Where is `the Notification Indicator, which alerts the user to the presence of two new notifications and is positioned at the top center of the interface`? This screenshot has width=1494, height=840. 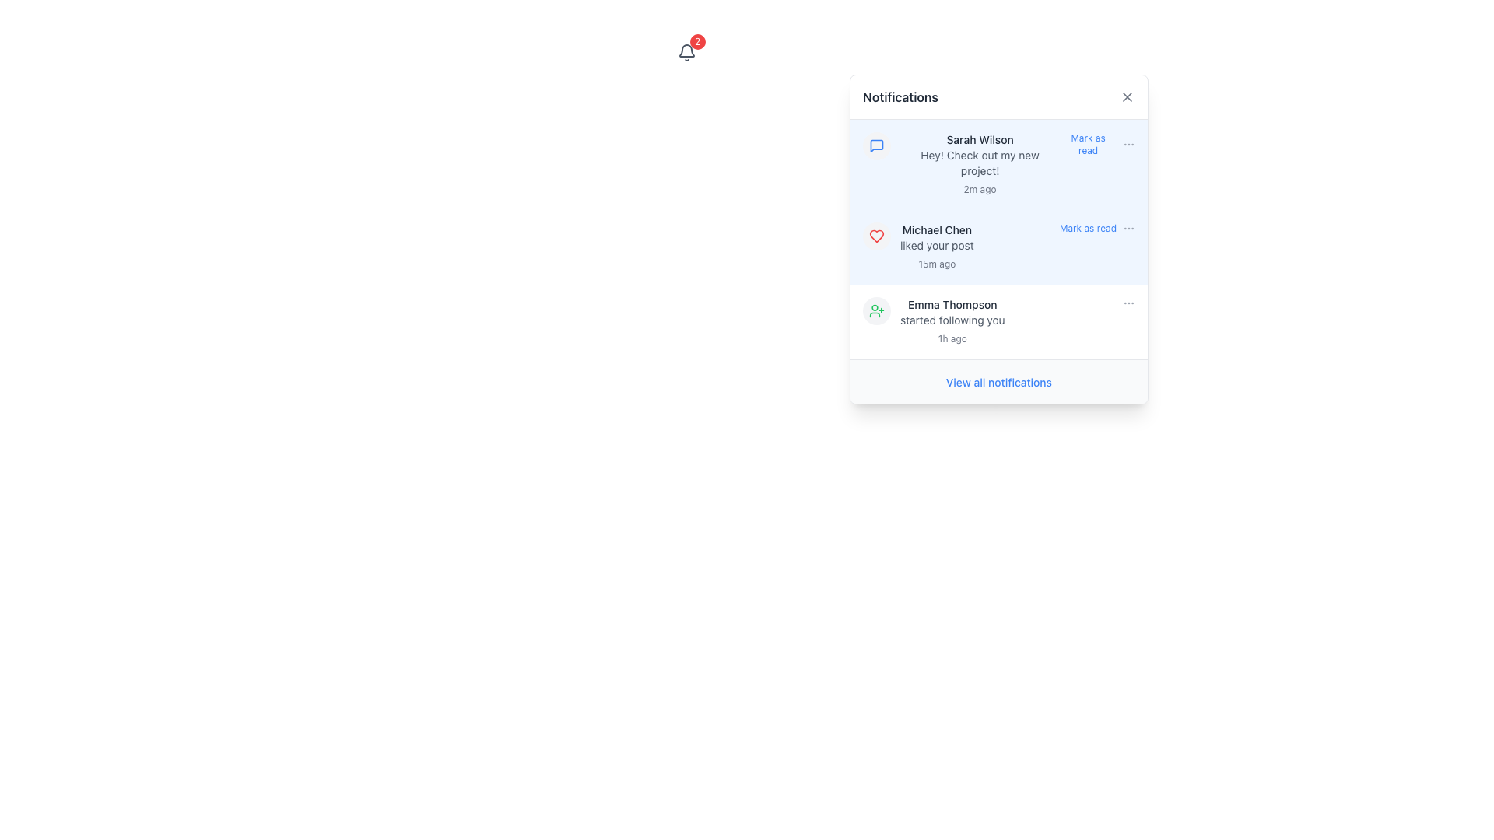
the Notification Indicator, which alerts the user to the presence of two new notifications and is positioned at the top center of the interface is located at coordinates (686, 52).